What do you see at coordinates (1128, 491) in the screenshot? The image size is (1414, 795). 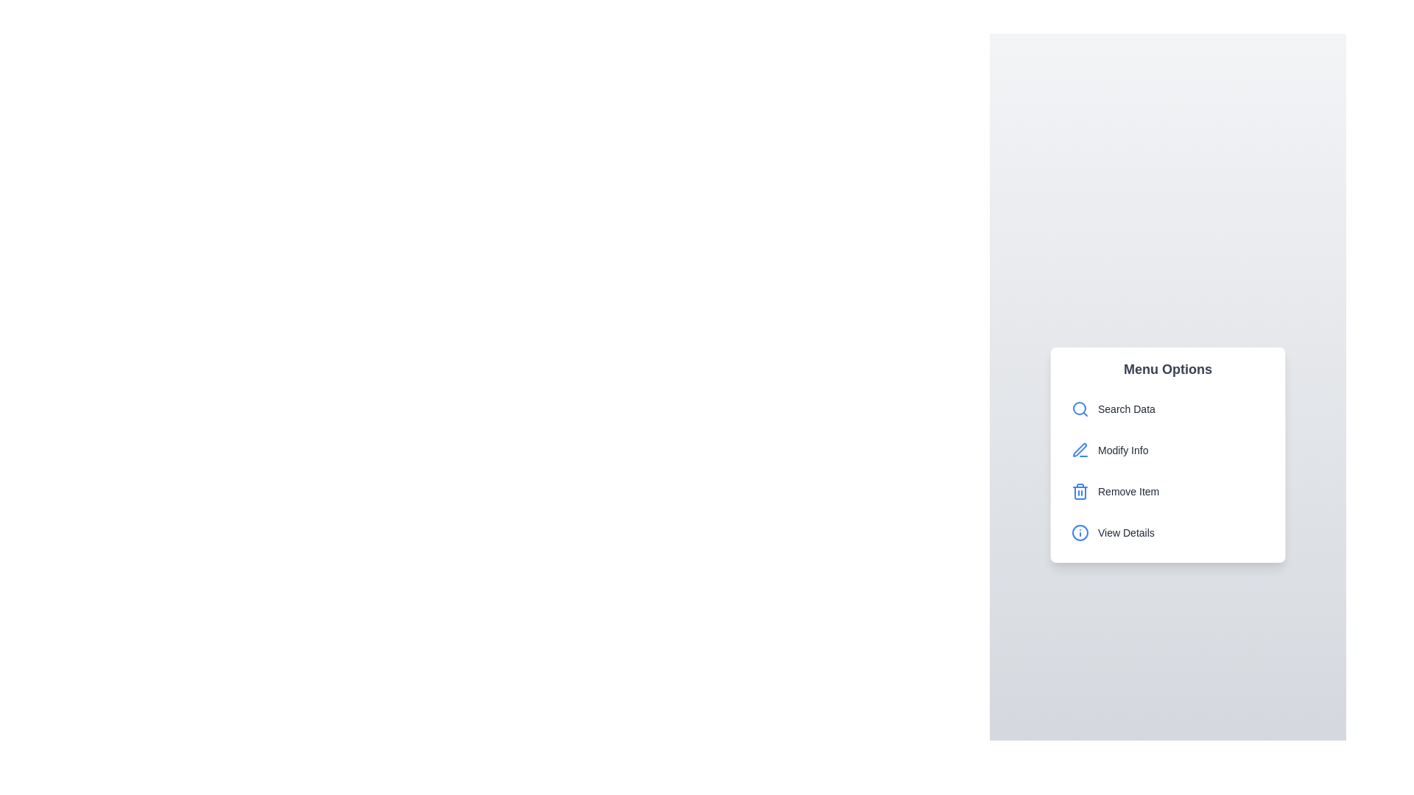 I see `the 'Remove Item' text label, which is styled in gray with a medium-sized font and located to the right of a trash bin icon in the menu options` at bounding box center [1128, 491].